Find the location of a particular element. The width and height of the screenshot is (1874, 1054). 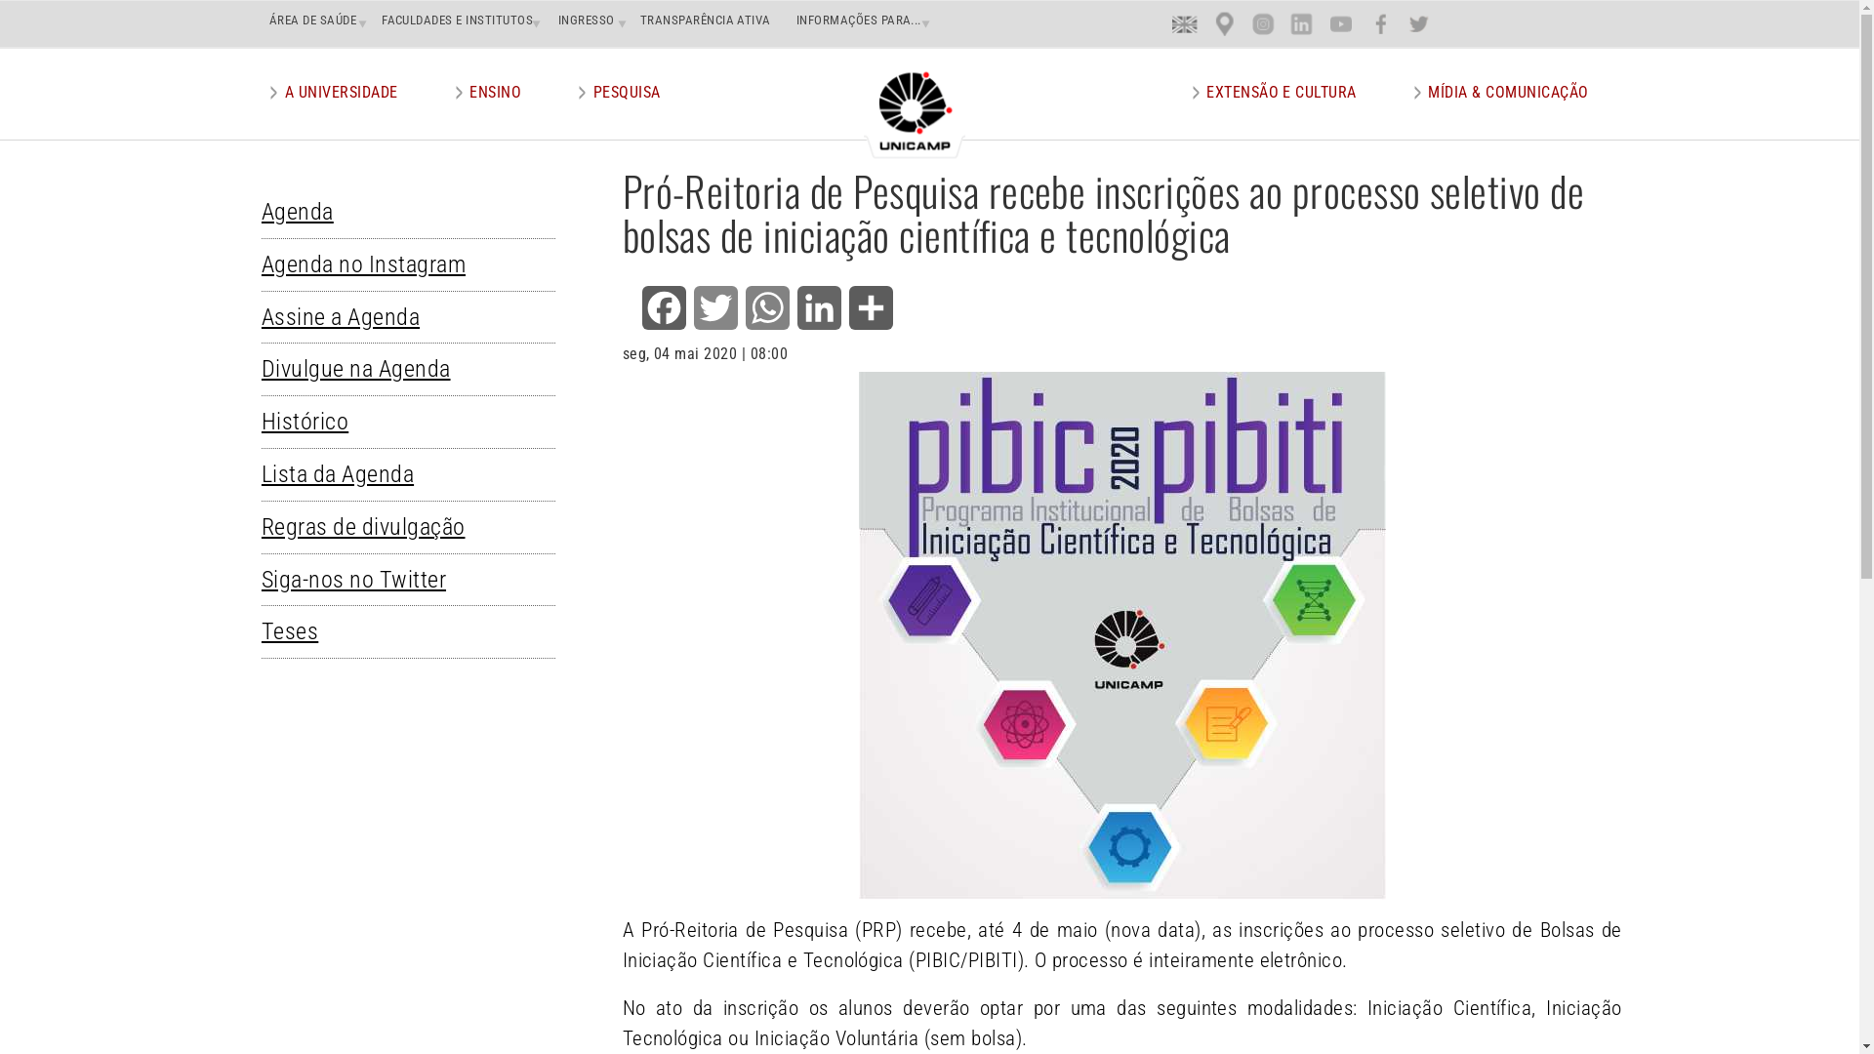

'You' is located at coordinates (1339, 23).